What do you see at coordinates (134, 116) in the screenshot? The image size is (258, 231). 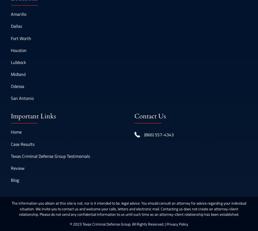 I see `'Contact Us'` at bounding box center [134, 116].